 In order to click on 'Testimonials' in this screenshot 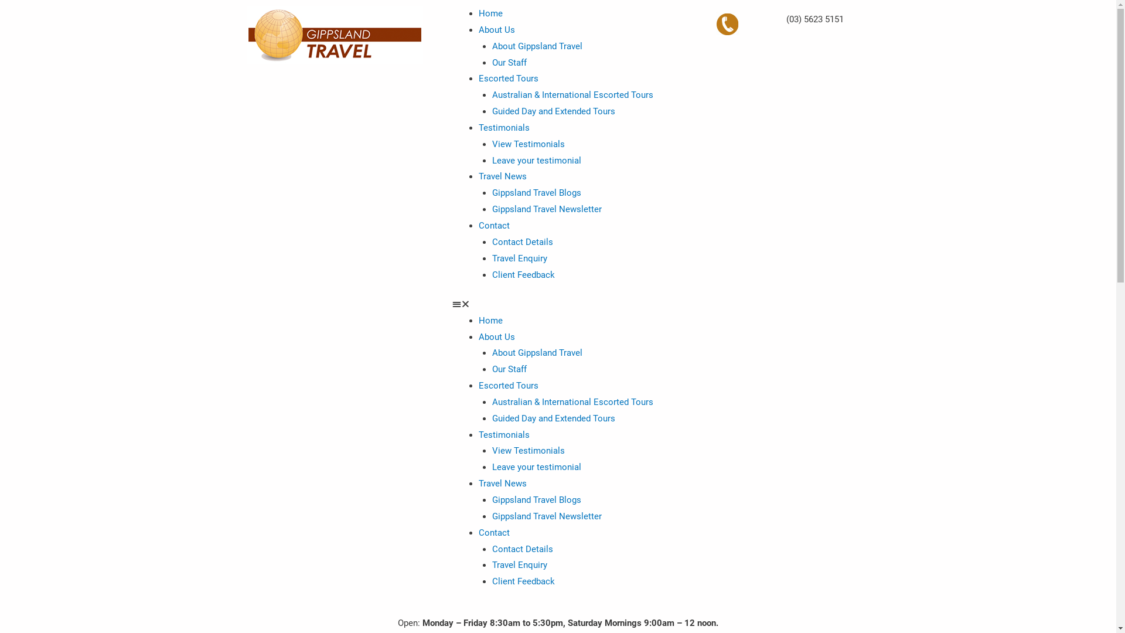, I will do `click(504, 128)`.